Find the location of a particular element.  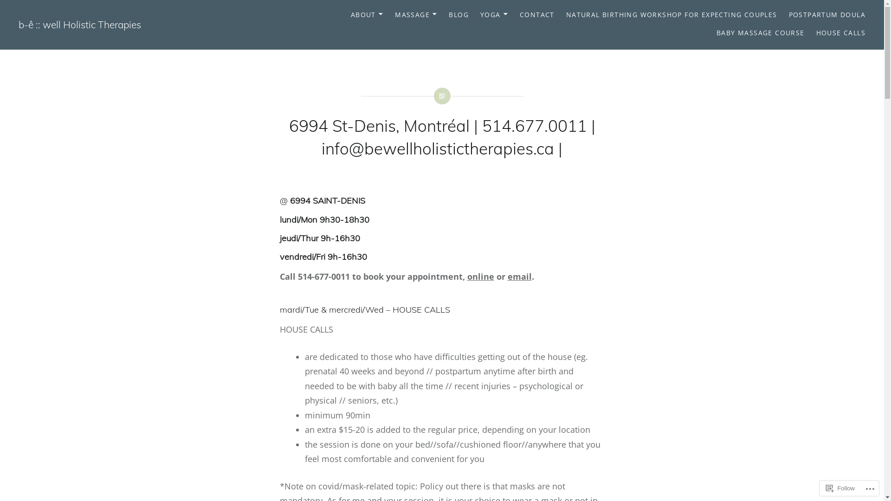

'NATURAL BIRTHING WORKSHOP FOR EXPECTING COUPLES' is located at coordinates (671, 15).